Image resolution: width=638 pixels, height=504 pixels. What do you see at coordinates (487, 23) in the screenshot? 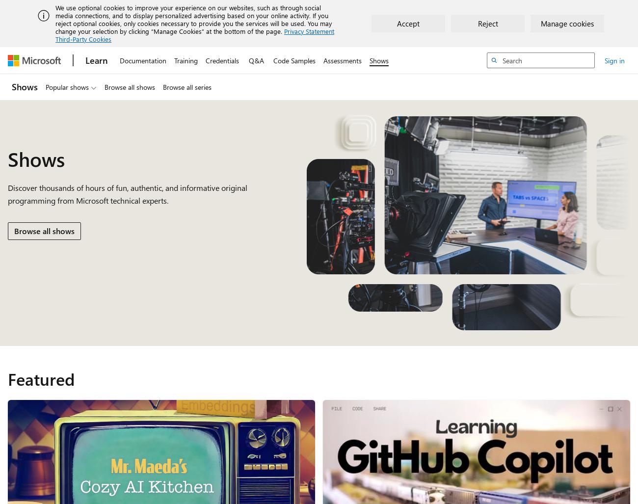
I see `'Reject'` at bounding box center [487, 23].